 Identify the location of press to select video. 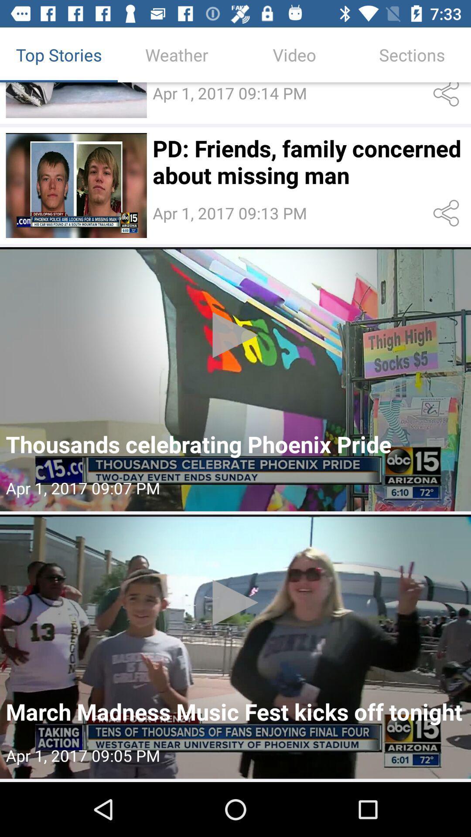
(235, 646).